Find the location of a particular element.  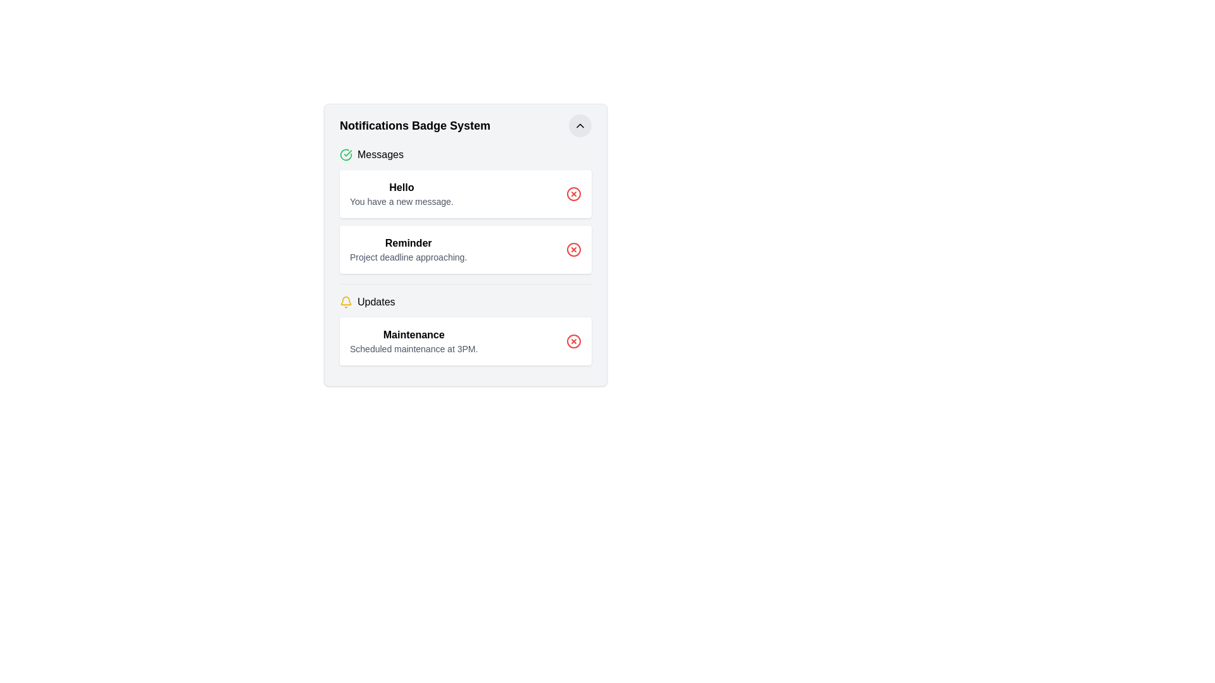

text displayed in the TextBlock element that shows 'Maintenance' in bold and 'Scheduled maintenance at 3PM.' in smaller gray font, located under the 'Updates' section of the interface is located at coordinates (414, 341).